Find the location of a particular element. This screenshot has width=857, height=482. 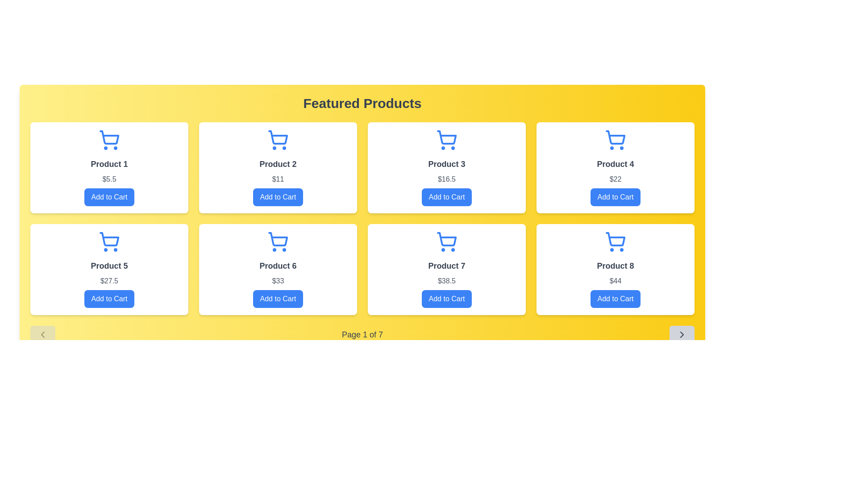

the shopping cart icon located at the top-center of the 'Product 8' card, which is above the product title and price, and directly above the 'Add to Cart' button is located at coordinates (615, 242).